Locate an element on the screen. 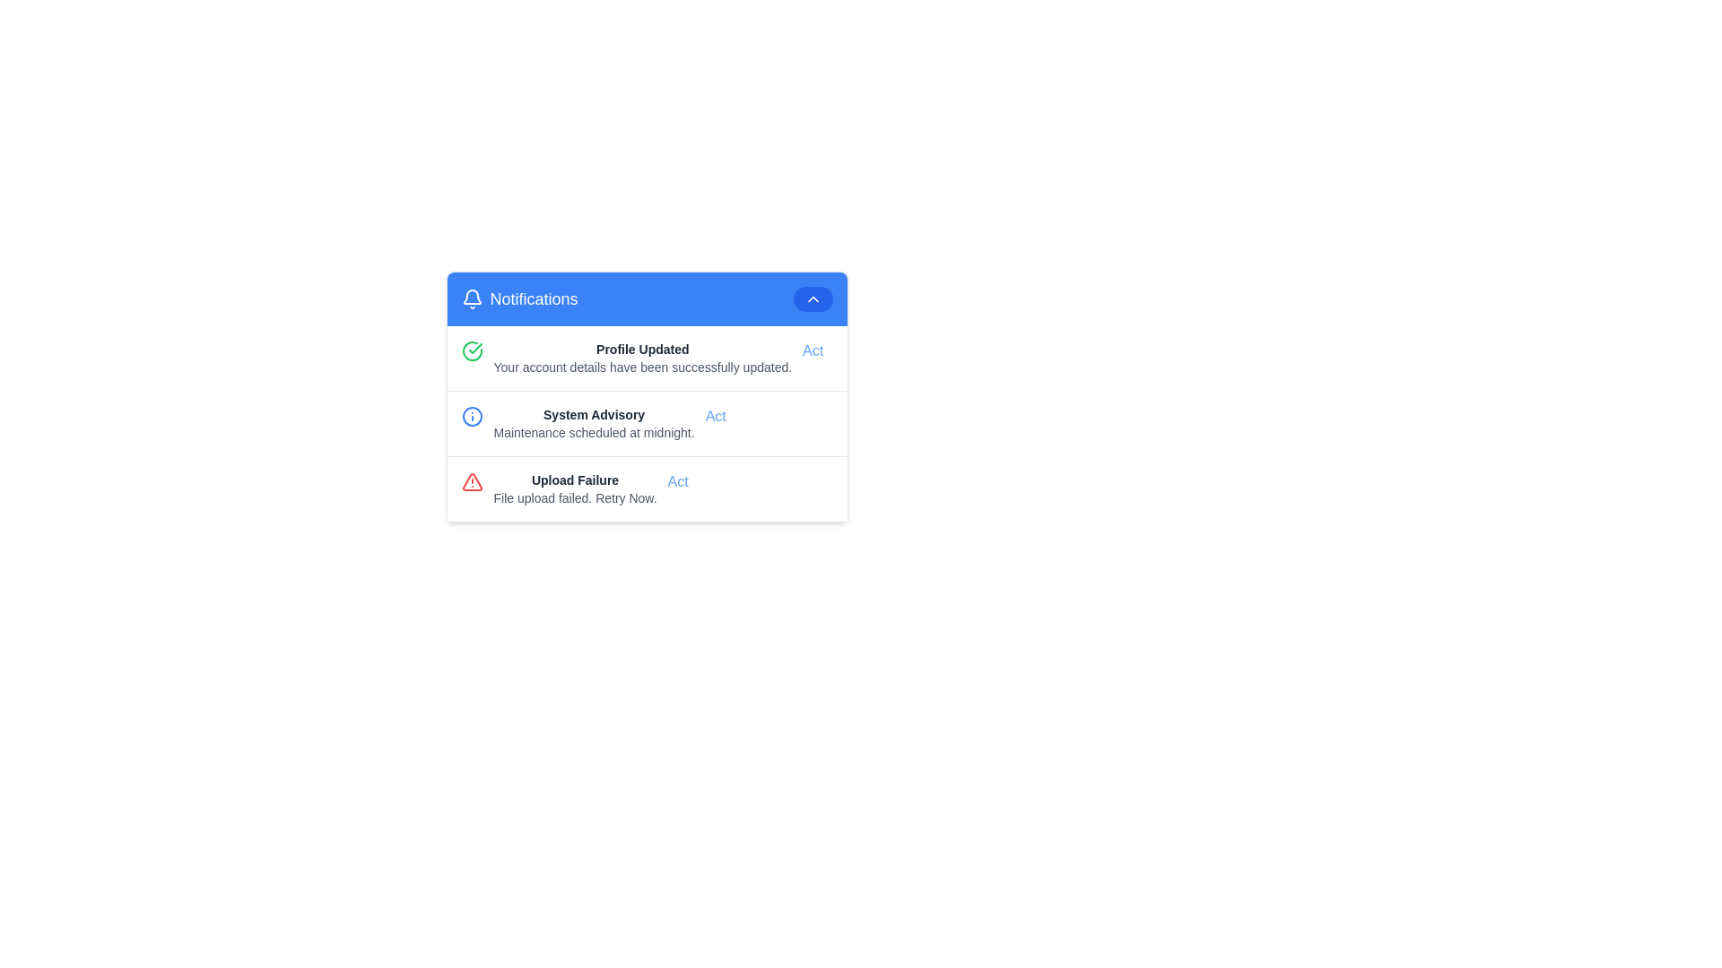 This screenshot has height=968, width=1722. the icon button located in the upper-right corner of the notification box is located at coordinates (812, 298).